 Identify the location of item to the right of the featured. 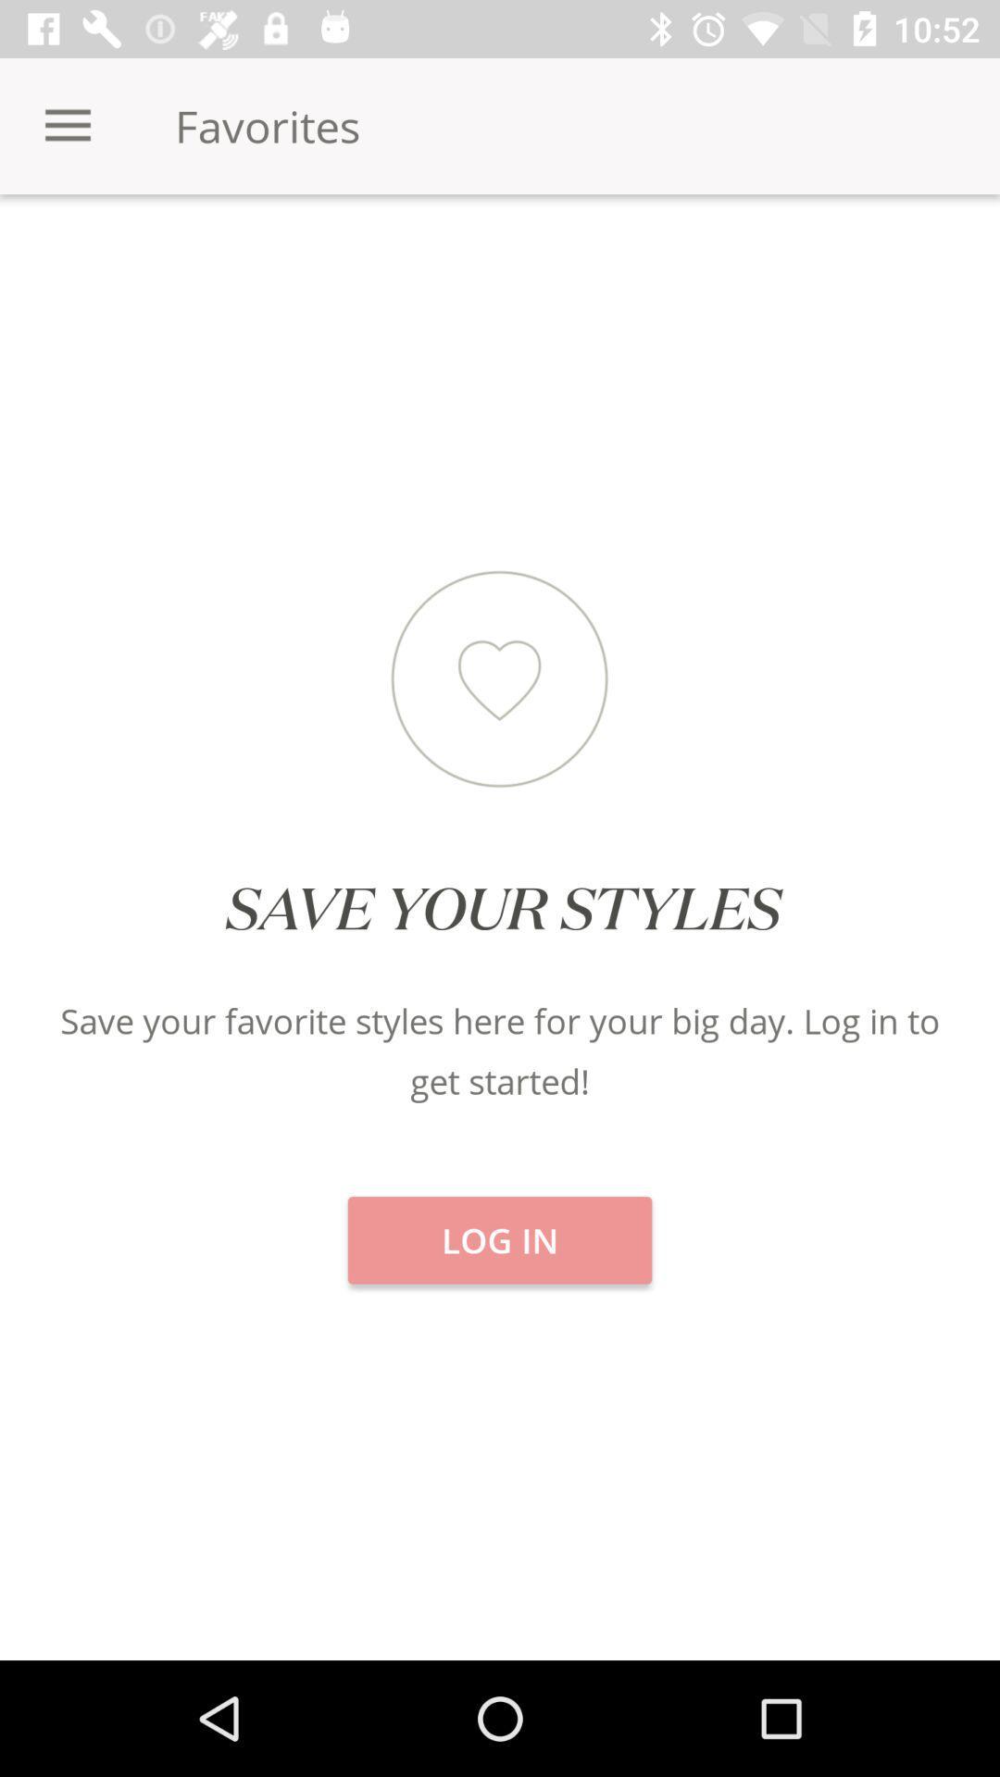
(831, 258).